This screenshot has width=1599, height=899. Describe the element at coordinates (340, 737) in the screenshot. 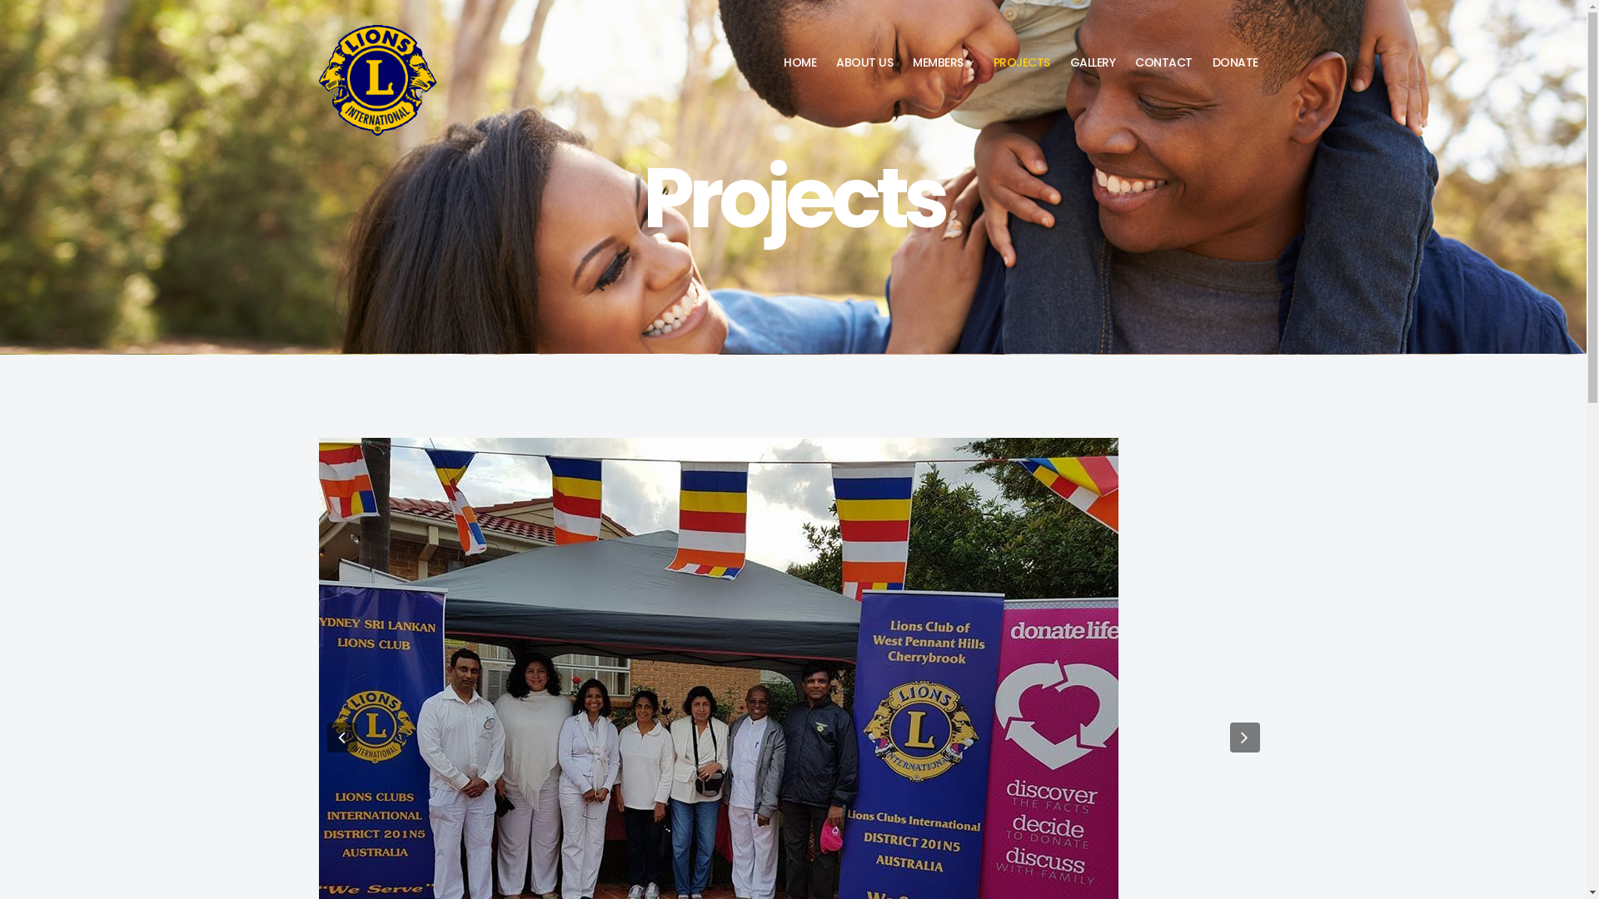

I see `'Previous'` at that location.